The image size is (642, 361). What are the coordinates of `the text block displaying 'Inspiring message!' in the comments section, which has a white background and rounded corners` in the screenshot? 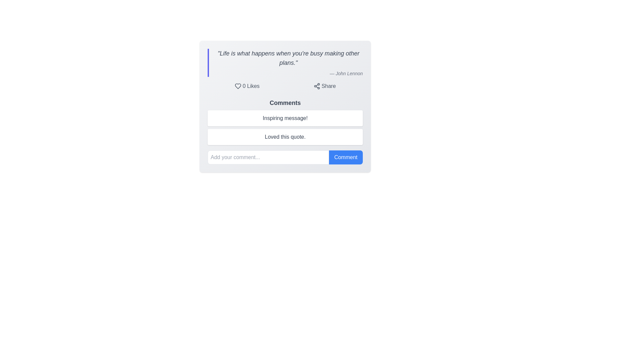 It's located at (285, 118).